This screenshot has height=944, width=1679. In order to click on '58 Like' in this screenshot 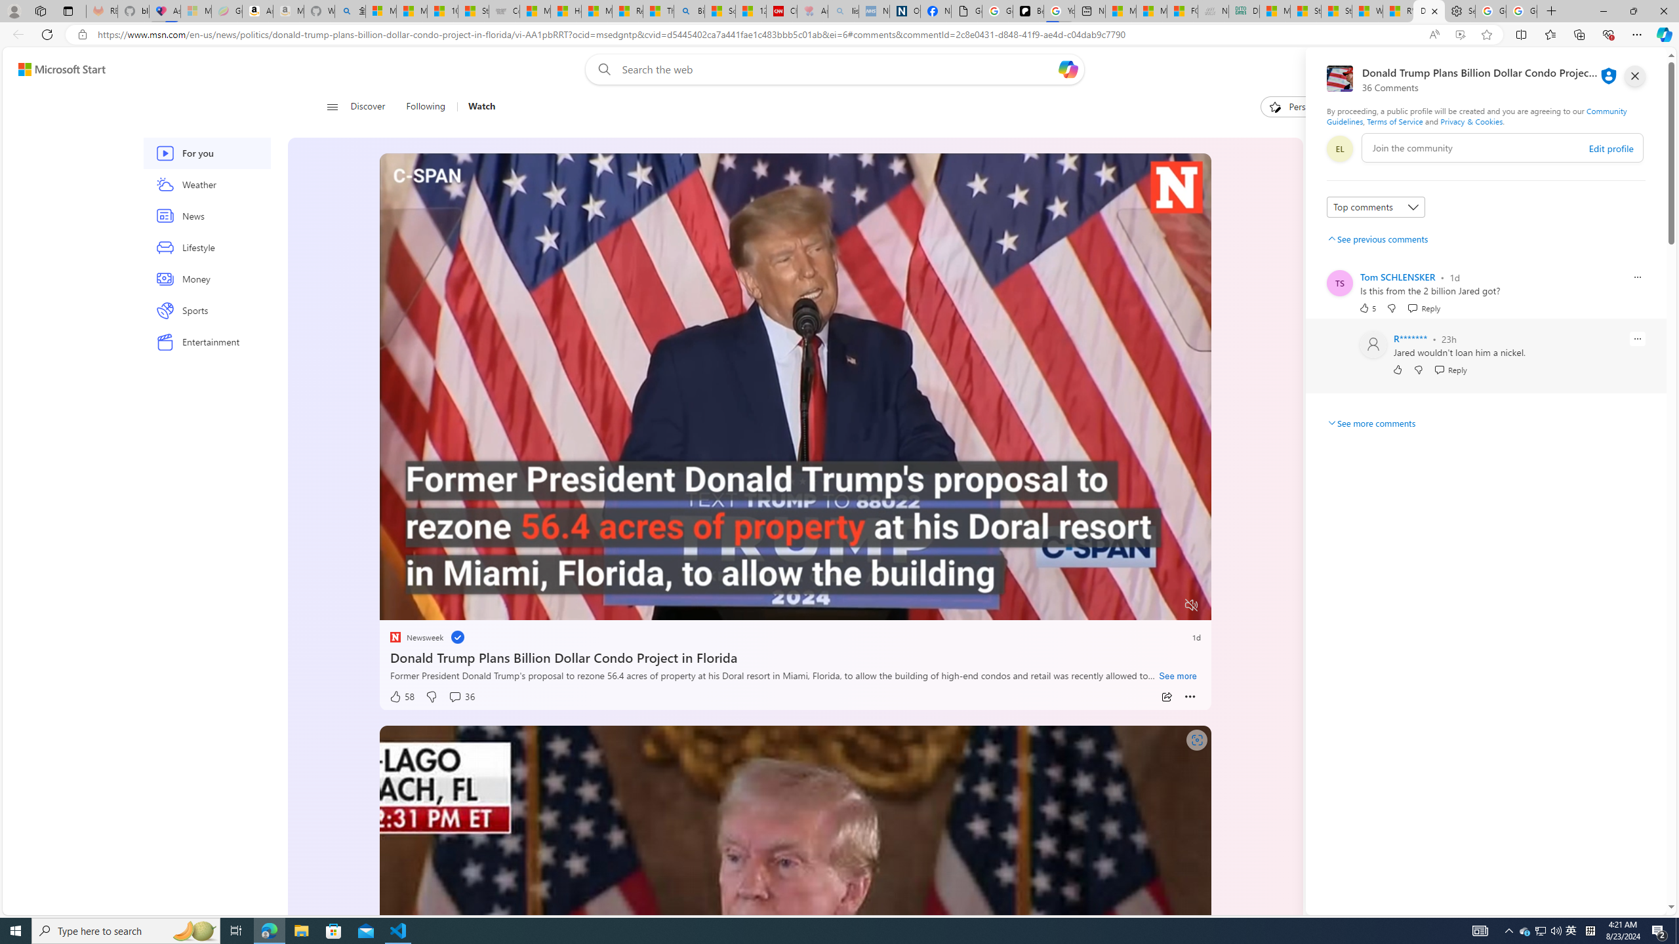, I will do `click(401, 696)`.